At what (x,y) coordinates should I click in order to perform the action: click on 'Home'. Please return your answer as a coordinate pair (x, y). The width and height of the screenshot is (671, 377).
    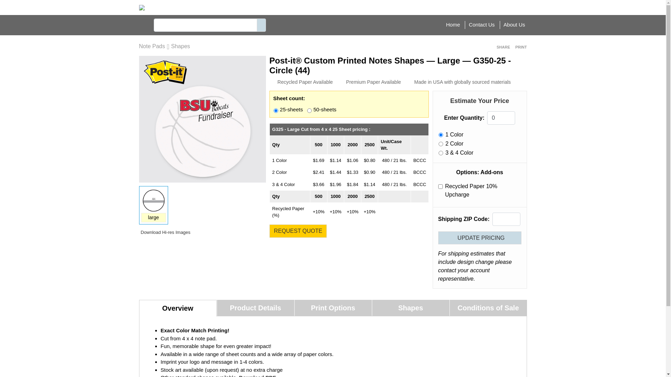
    Looking at the image, I should click on (453, 24).